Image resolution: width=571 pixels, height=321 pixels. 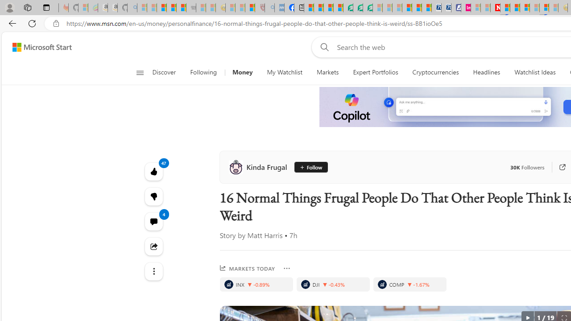 What do you see at coordinates (535, 72) in the screenshot?
I see `'Watchlist Ideas'` at bounding box center [535, 72].